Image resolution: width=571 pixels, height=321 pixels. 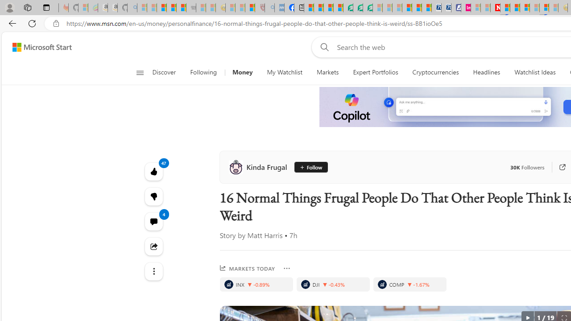 What do you see at coordinates (535, 72) in the screenshot?
I see `'Watchlist Ideas'` at bounding box center [535, 72].